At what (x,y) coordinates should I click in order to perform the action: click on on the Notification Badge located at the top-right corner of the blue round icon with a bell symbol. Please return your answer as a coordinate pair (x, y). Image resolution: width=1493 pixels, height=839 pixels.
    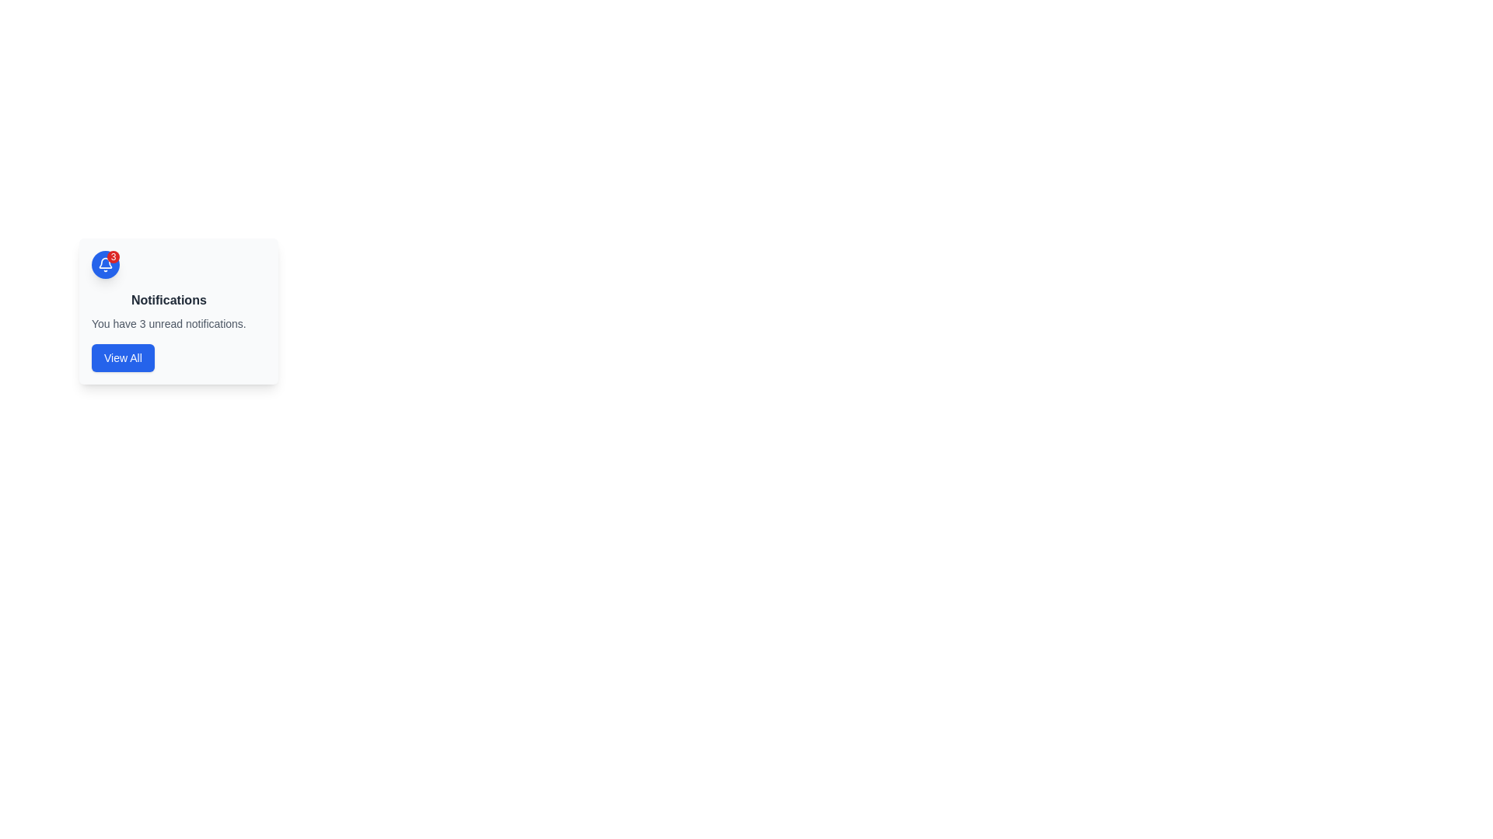
    Looking at the image, I should click on (104, 263).